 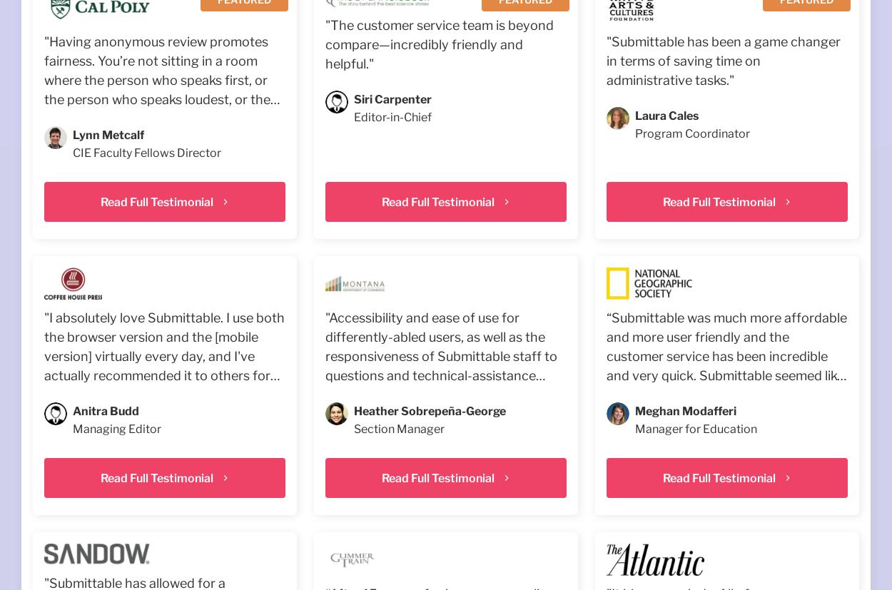 What do you see at coordinates (398, 429) in the screenshot?
I see `'Section Manager'` at bounding box center [398, 429].